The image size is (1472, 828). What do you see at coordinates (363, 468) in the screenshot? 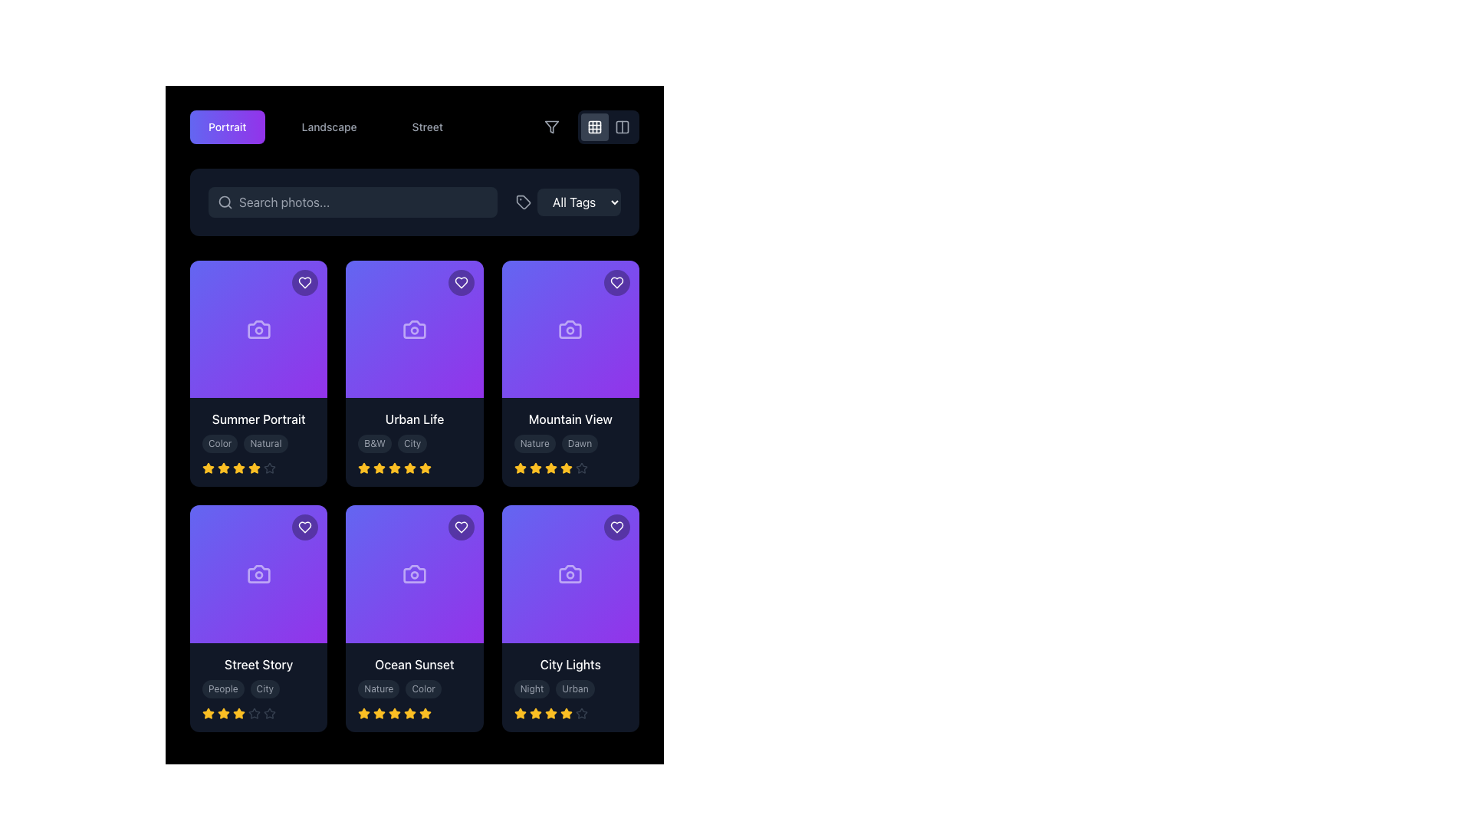
I see `the first star in the five-star rating system located beneath the 'Urban Life' card in the second column of the content grid, in the second row of cards` at bounding box center [363, 468].